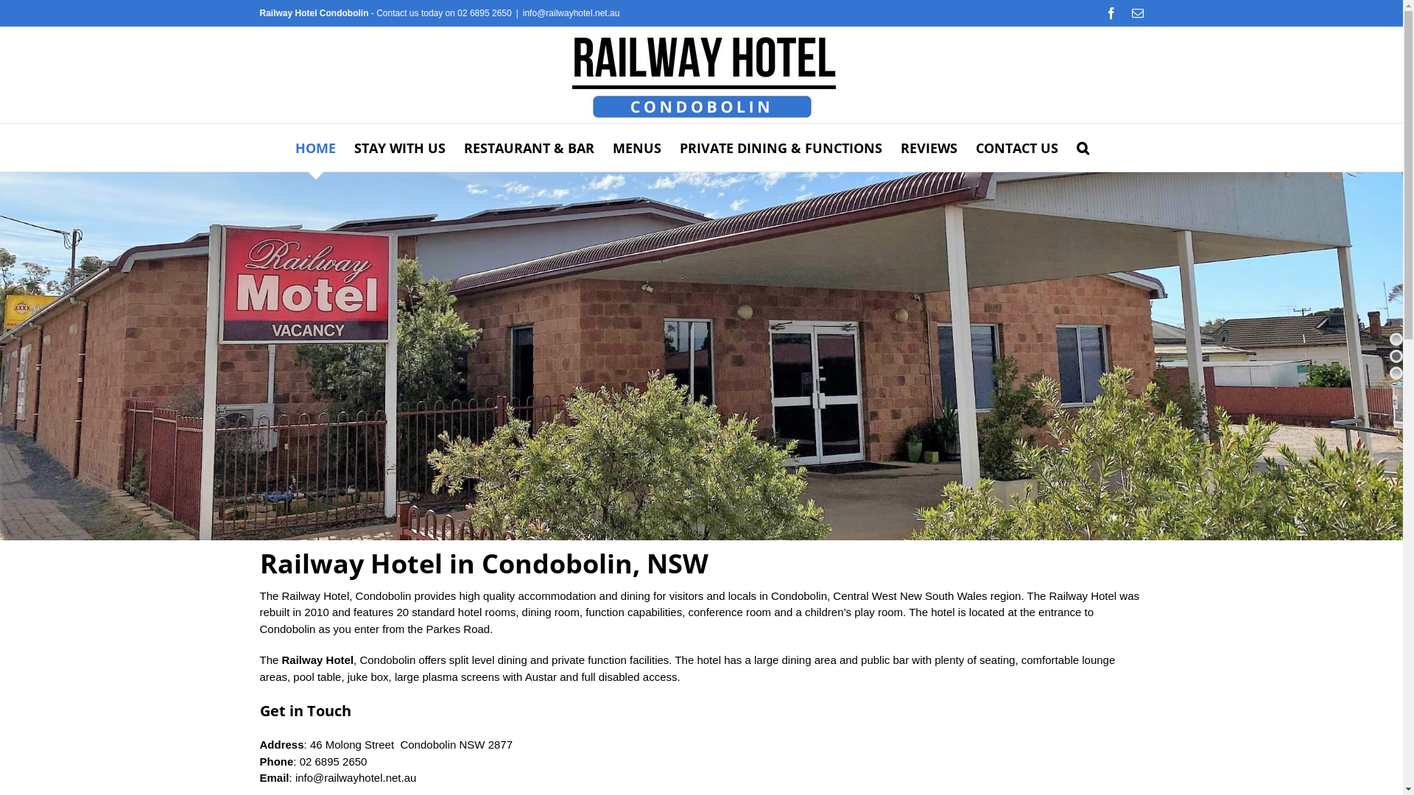 The width and height of the screenshot is (1414, 795). I want to click on 'RESTAURANT & BAR', so click(529, 147).